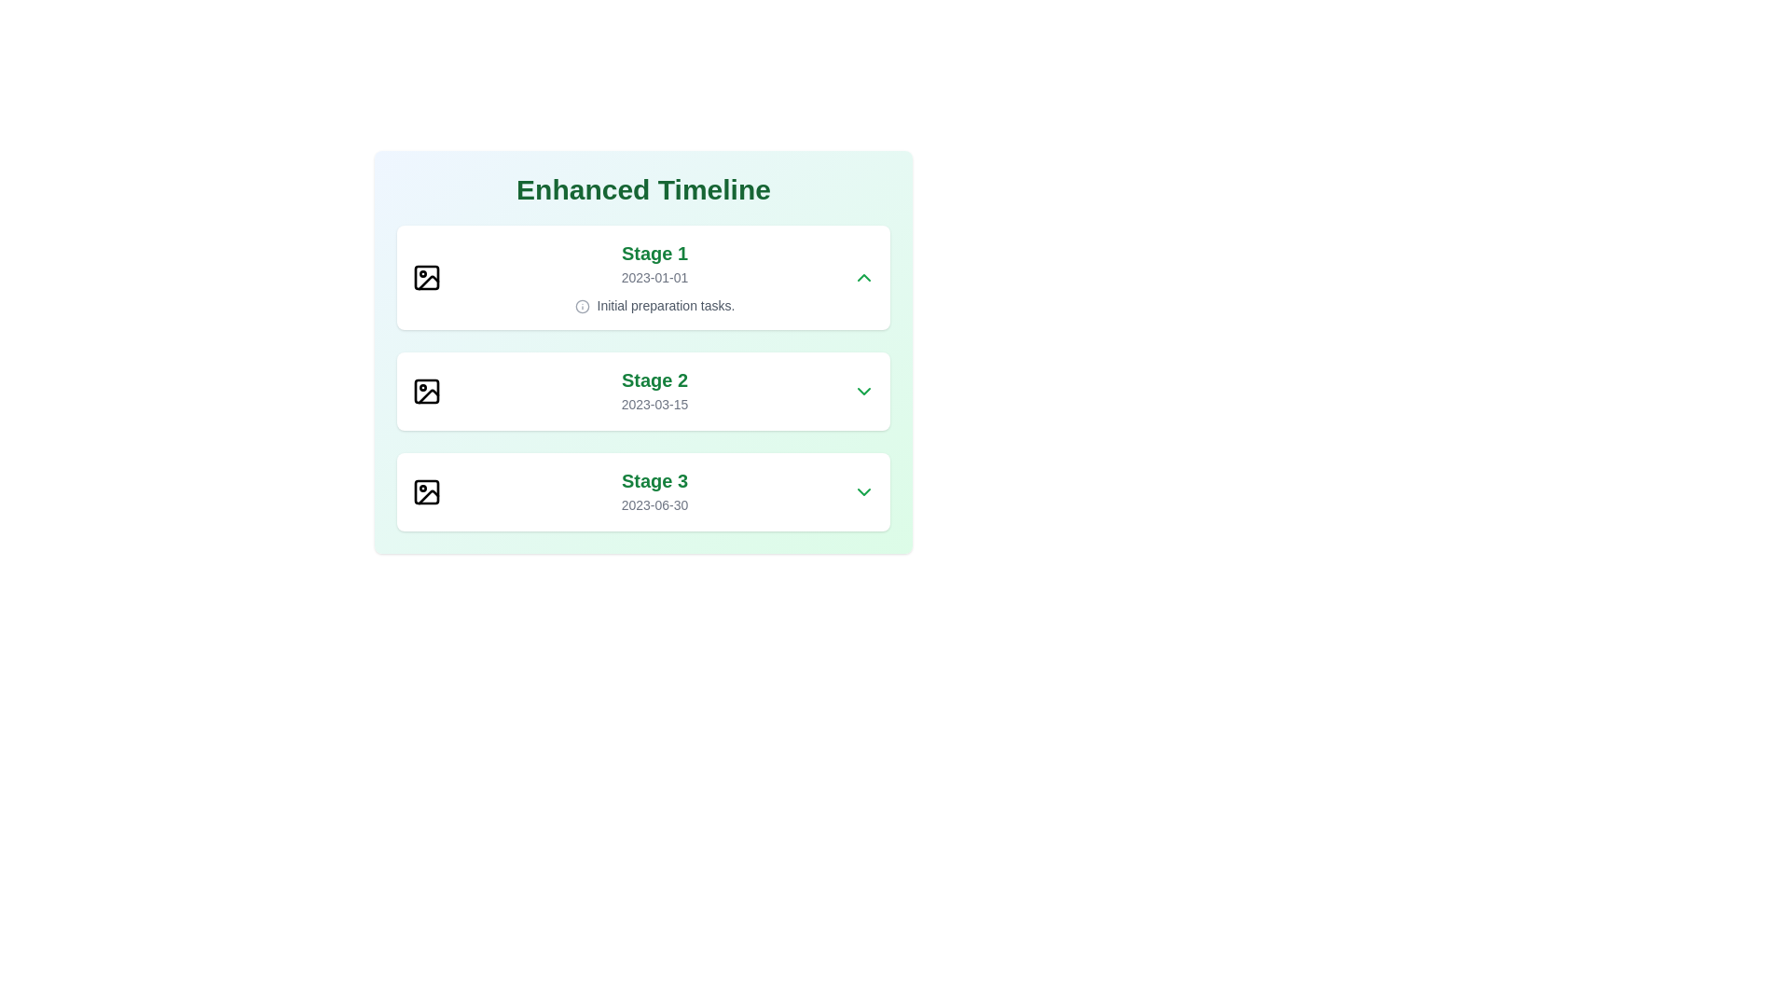 Image resolution: width=1790 pixels, height=1007 pixels. What do you see at coordinates (425, 491) in the screenshot?
I see `the Icon representing 'Stage 3' located in the 'Enhanced Timeline' card, positioned to the left of the stage number and date text` at bounding box center [425, 491].